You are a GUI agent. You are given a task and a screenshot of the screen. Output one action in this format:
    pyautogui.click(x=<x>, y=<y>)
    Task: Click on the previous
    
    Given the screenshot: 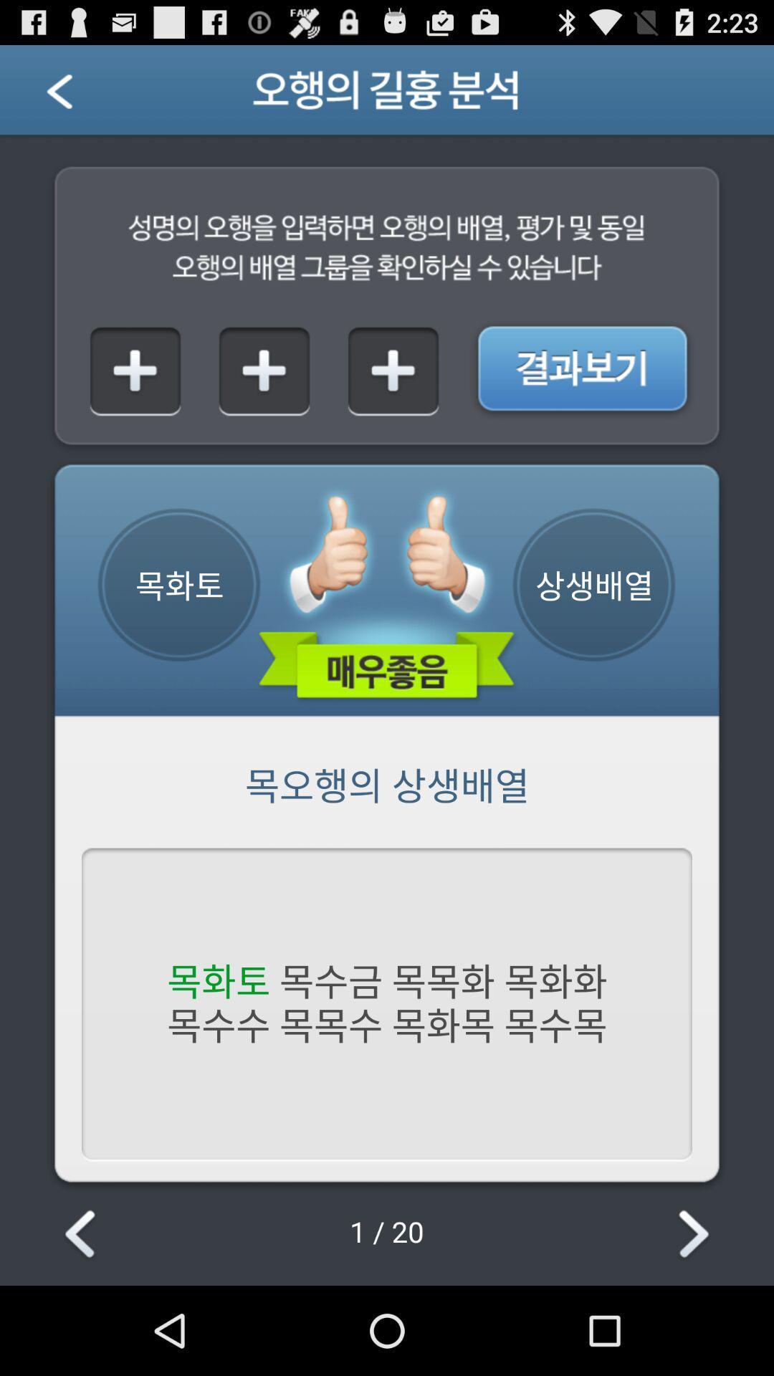 What is the action you would take?
    pyautogui.click(x=82, y=1235)
    